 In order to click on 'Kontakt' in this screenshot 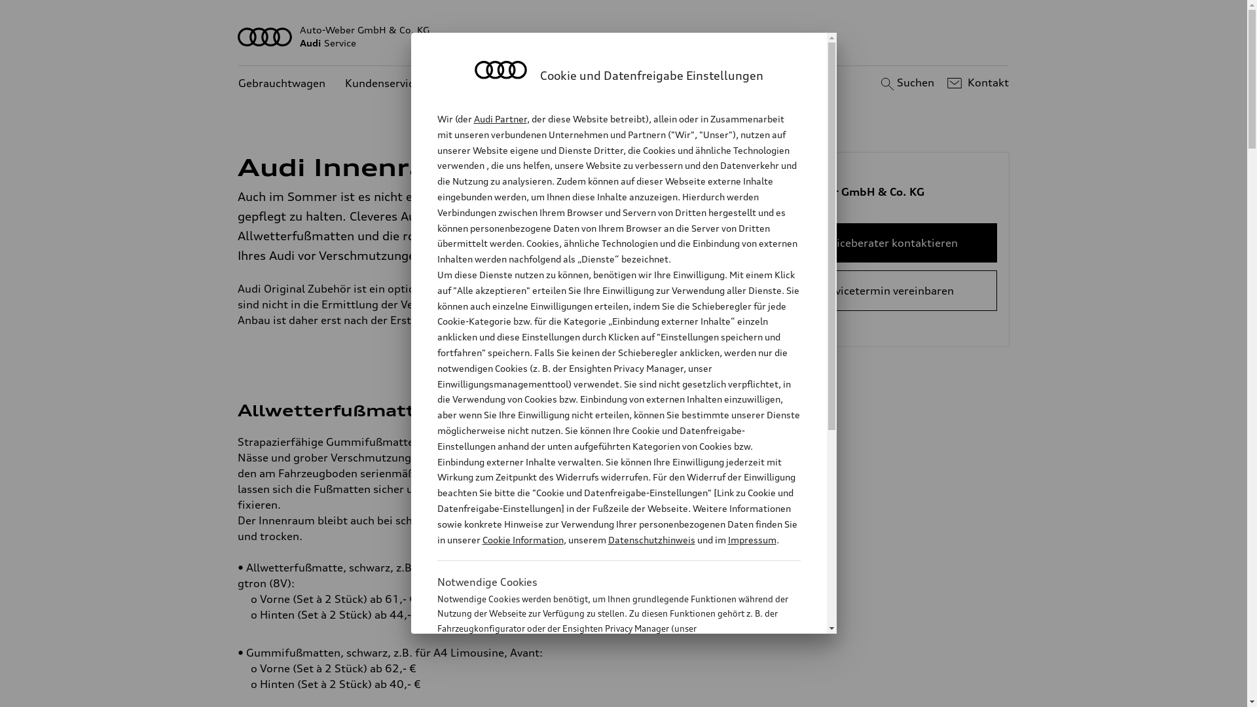, I will do `click(976, 83)`.